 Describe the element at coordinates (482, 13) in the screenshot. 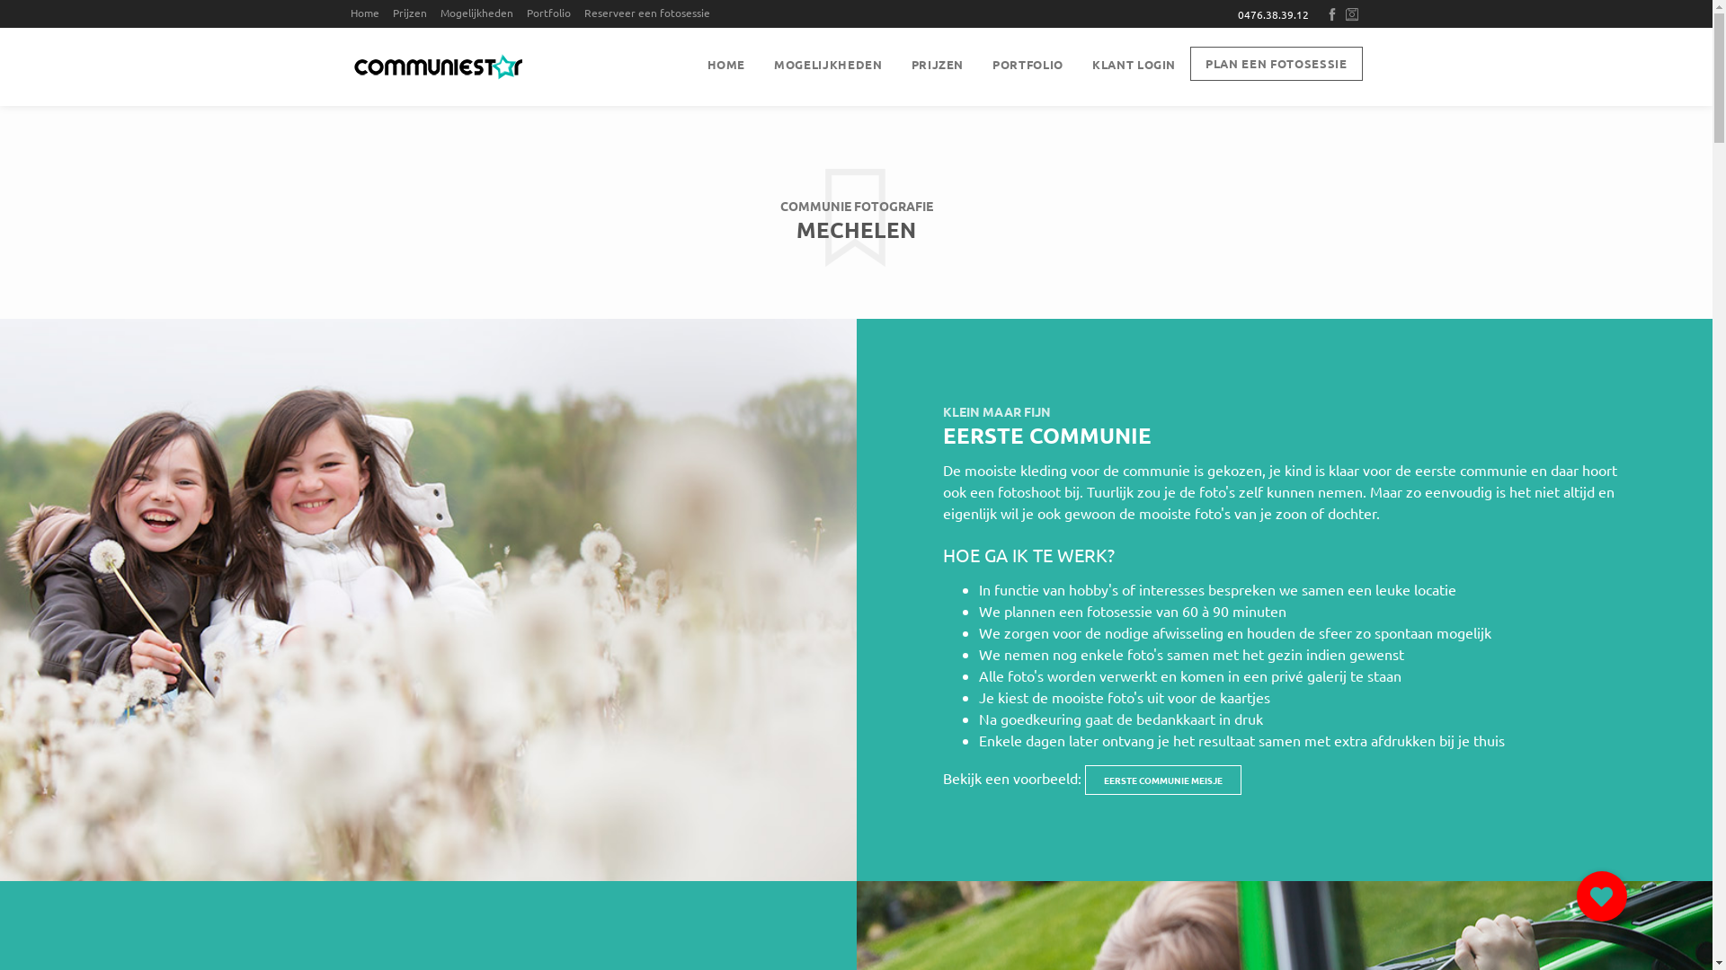

I see `'Mogelijkheden'` at that location.